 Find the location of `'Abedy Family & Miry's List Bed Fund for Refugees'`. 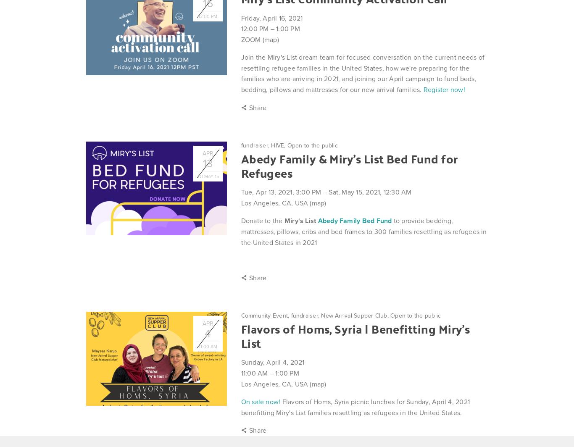

'Abedy Family & Miry's List Bed Fund for Refugees' is located at coordinates (240, 165).